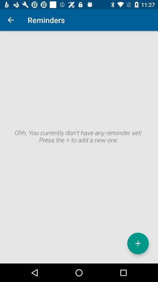 The height and width of the screenshot is (282, 158). Describe the element at coordinates (79, 147) in the screenshot. I see `check remainders` at that location.